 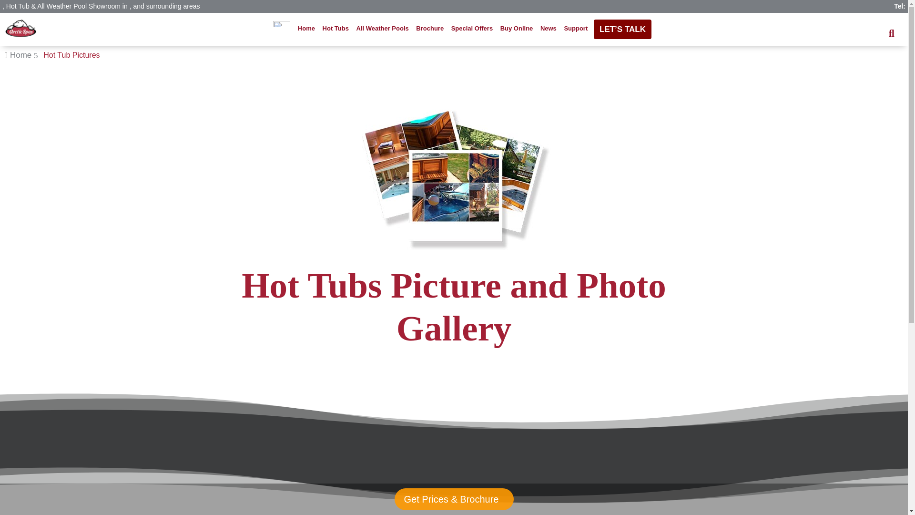 What do you see at coordinates (429, 28) in the screenshot?
I see `'Brochure'` at bounding box center [429, 28].